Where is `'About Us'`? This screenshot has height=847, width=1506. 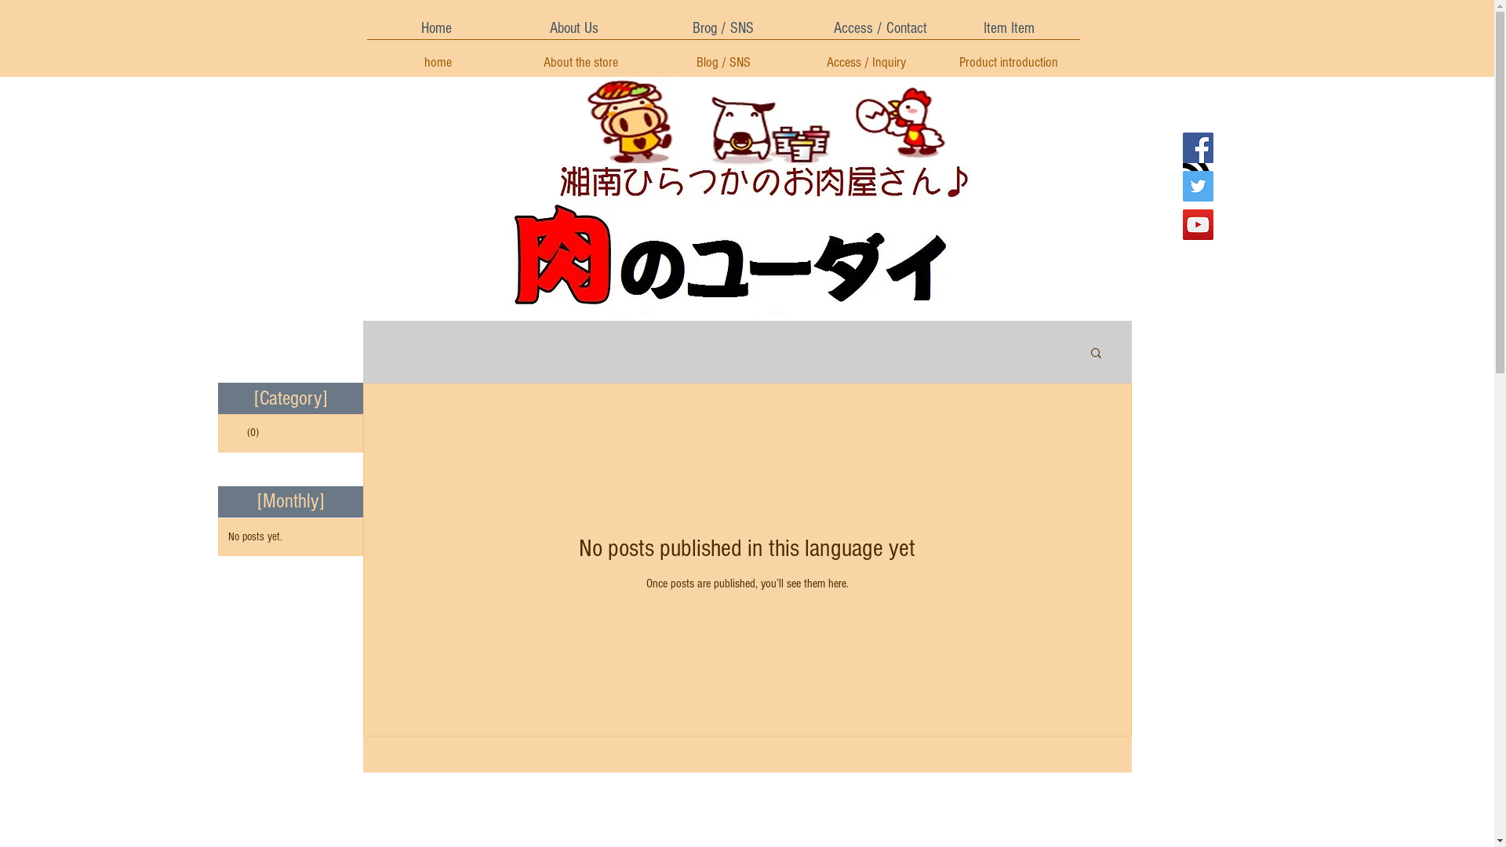 'About Us' is located at coordinates (573, 27).